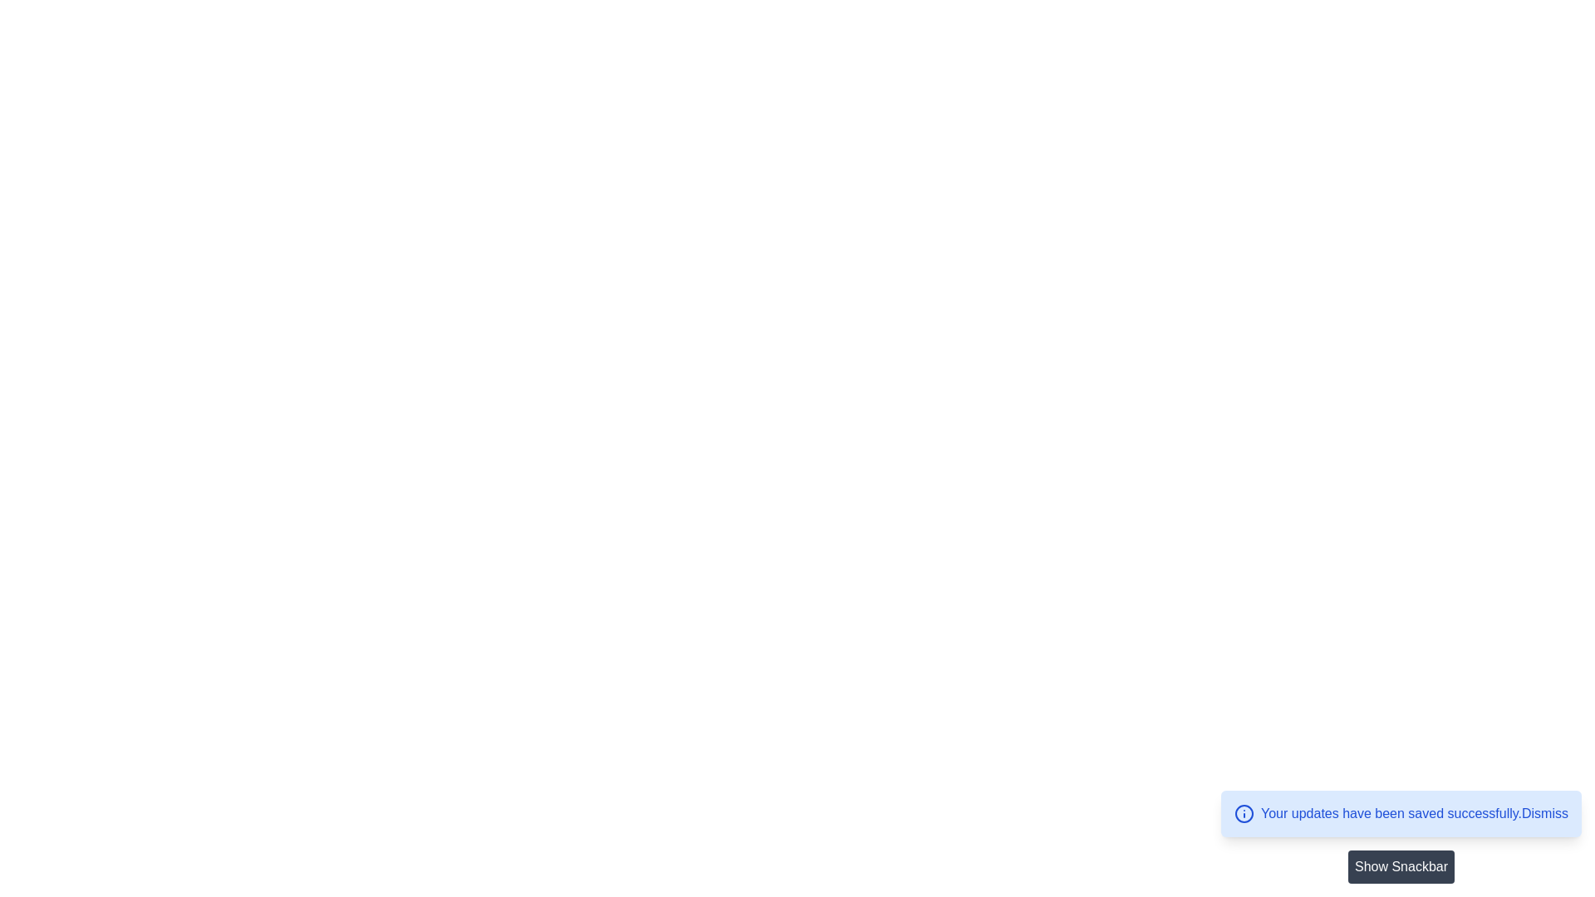 The height and width of the screenshot is (897, 1595). I want to click on the circular information icon with a blue outline located in the bottom-right corner notification banner, so click(1244, 812).